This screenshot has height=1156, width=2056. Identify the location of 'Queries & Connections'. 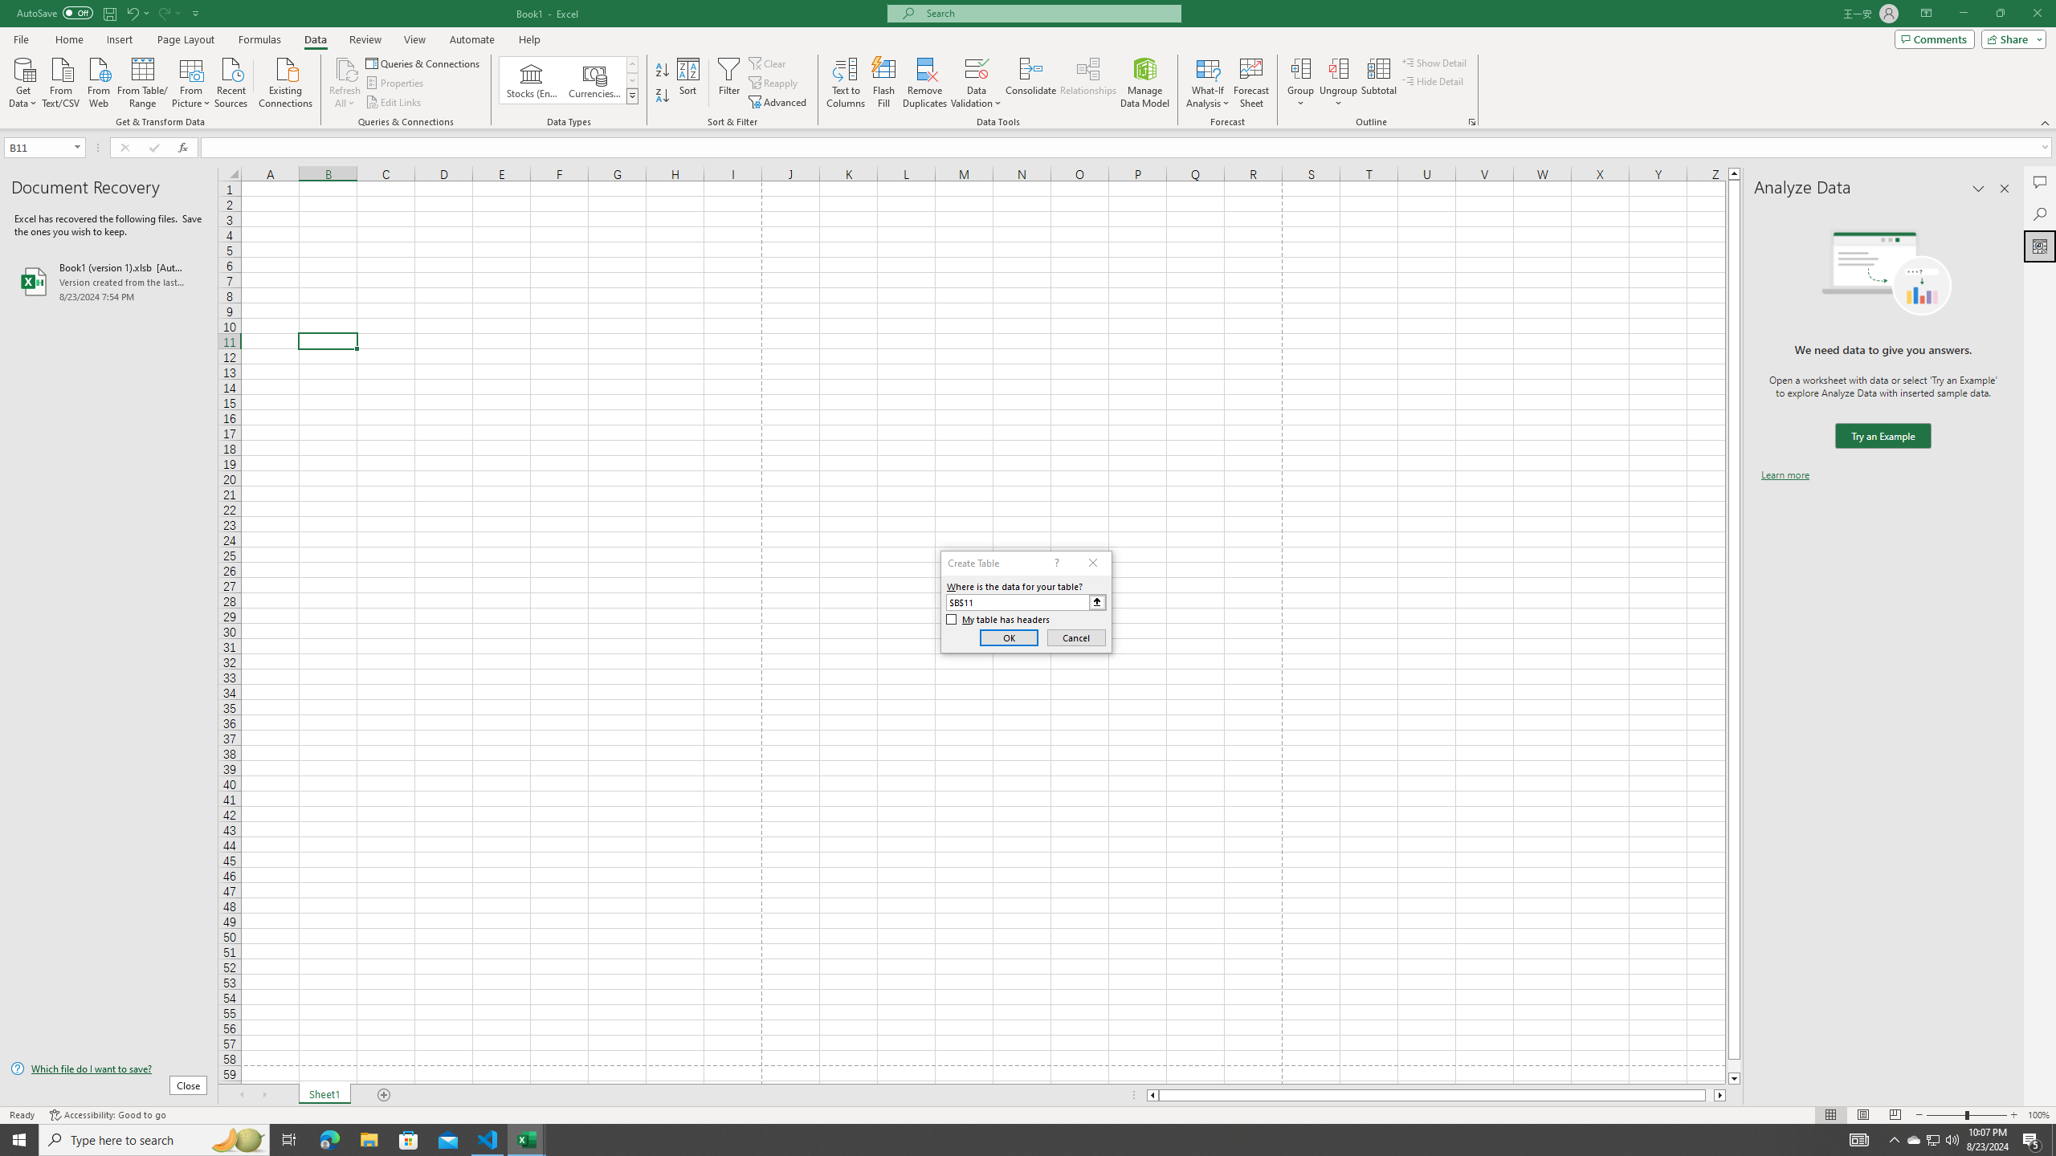
(423, 63).